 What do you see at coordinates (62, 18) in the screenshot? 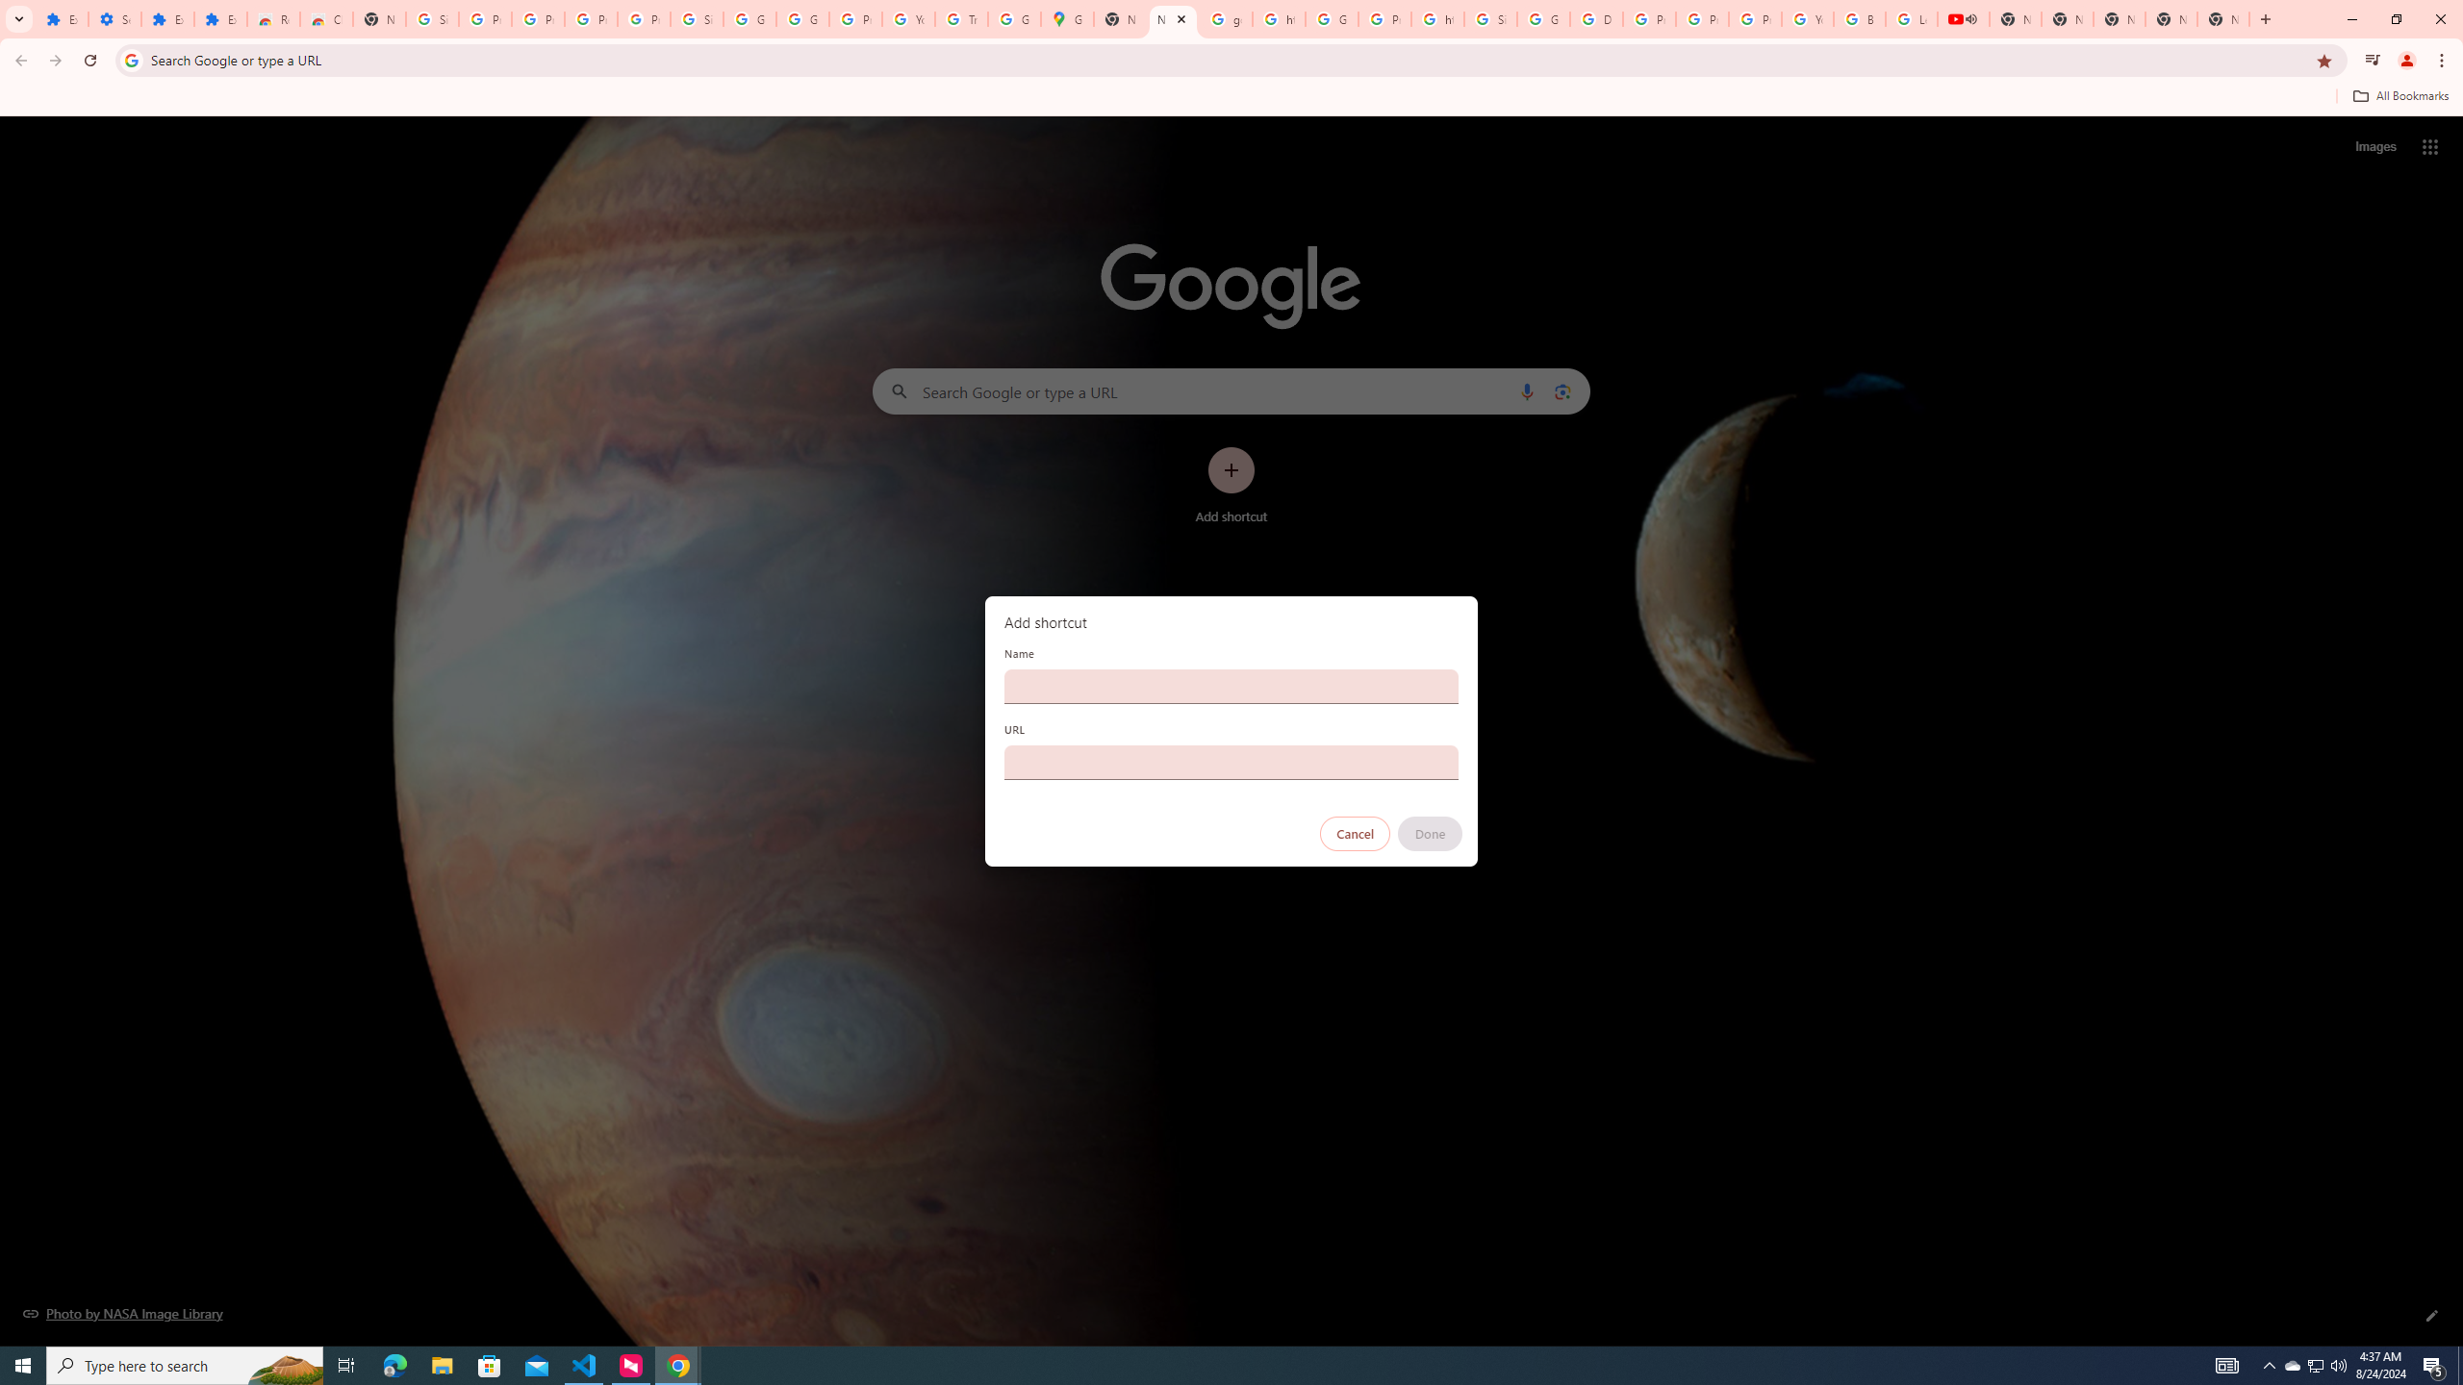
I see `'Extensions'` at bounding box center [62, 18].